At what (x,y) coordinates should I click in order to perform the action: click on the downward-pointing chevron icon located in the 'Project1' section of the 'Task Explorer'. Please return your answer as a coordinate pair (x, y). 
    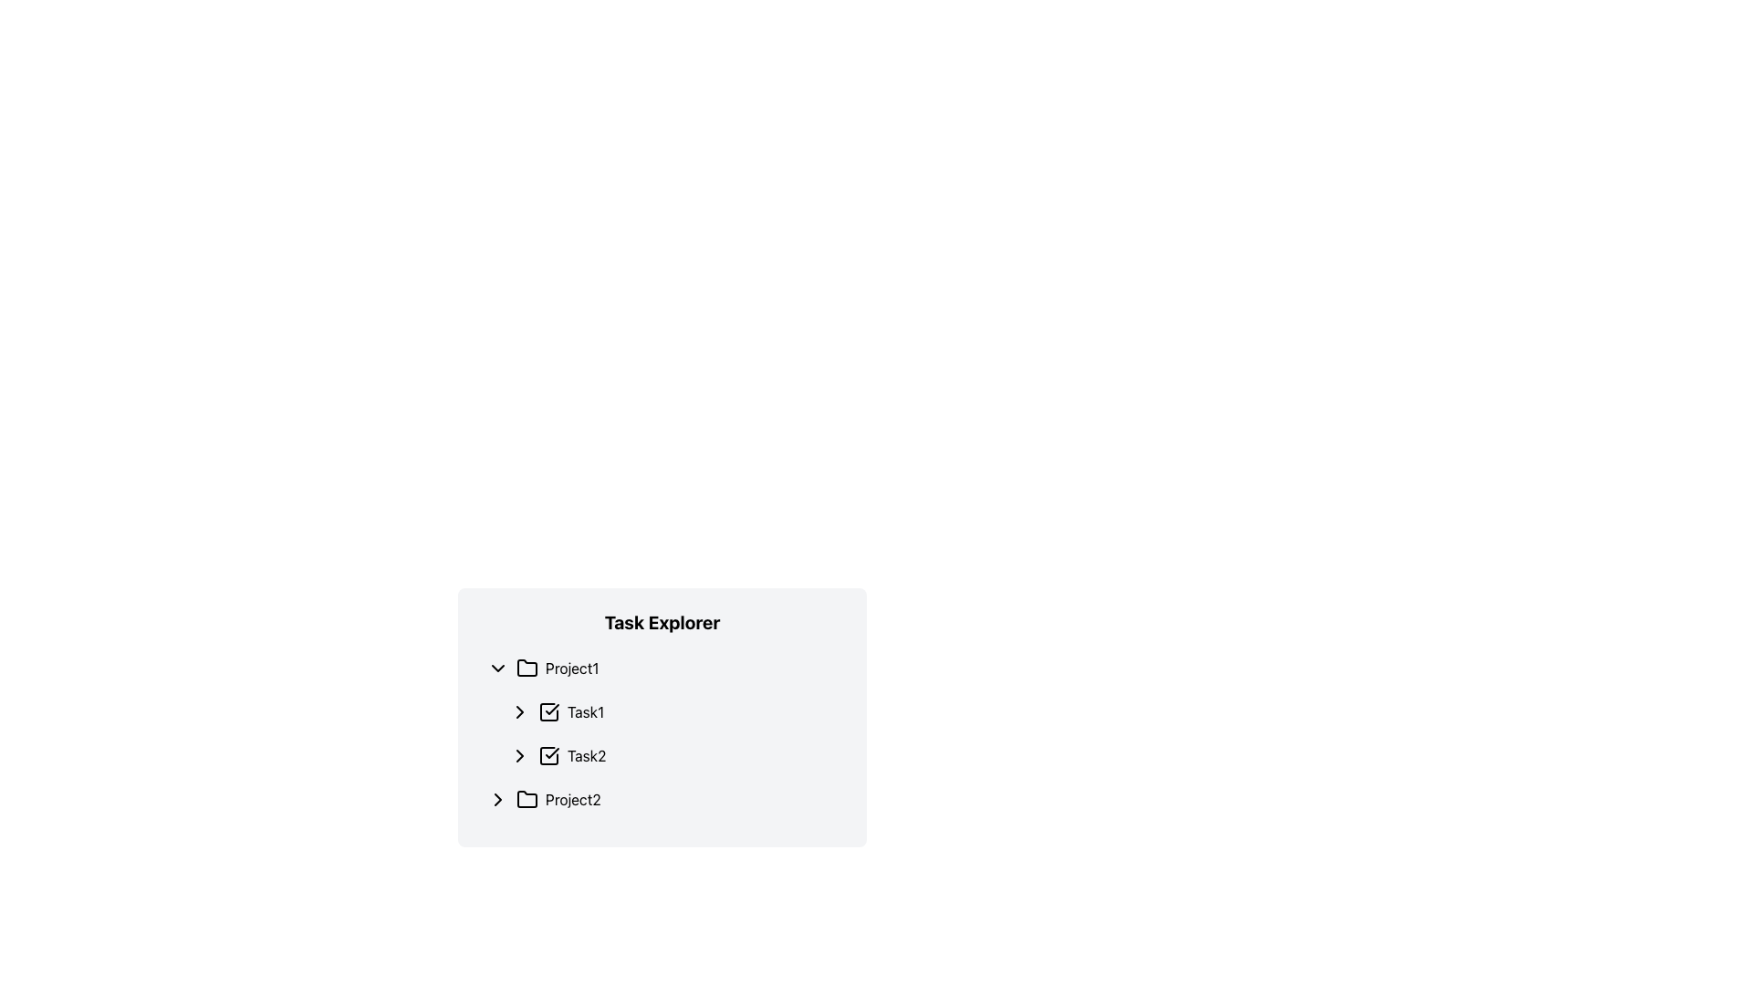
    Looking at the image, I should click on (498, 668).